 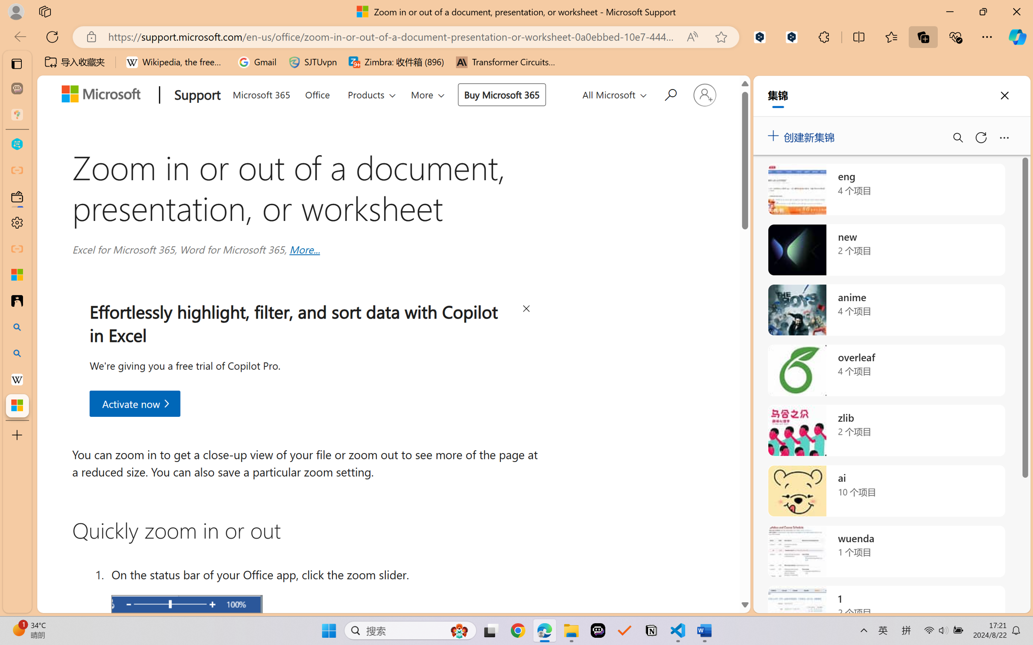 What do you see at coordinates (704, 94) in the screenshot?
I see `'Sign in to your account'` at bounding box center [704, 94].